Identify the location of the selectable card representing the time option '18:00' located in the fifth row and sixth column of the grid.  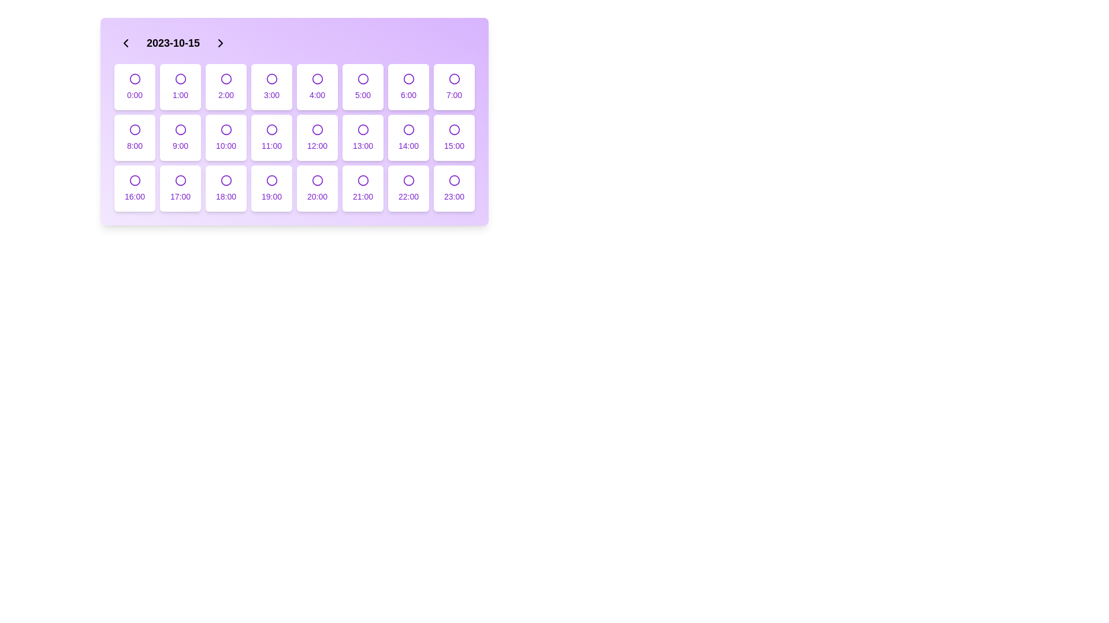
(226, 188).